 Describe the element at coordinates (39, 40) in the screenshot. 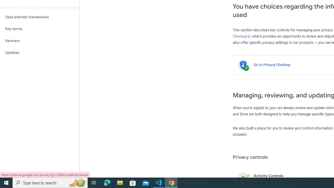

I see `'Partners'` at that location.